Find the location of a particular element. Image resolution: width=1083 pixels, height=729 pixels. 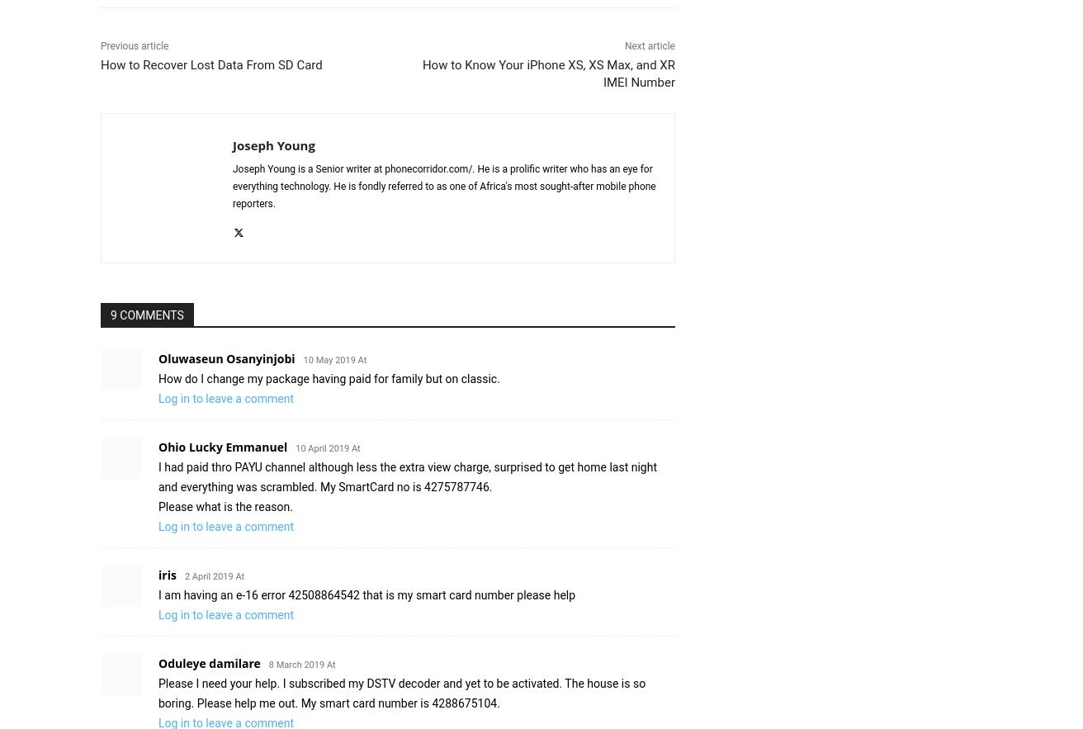

'8 March 2019						    At' is located at coordinates (301, 664).